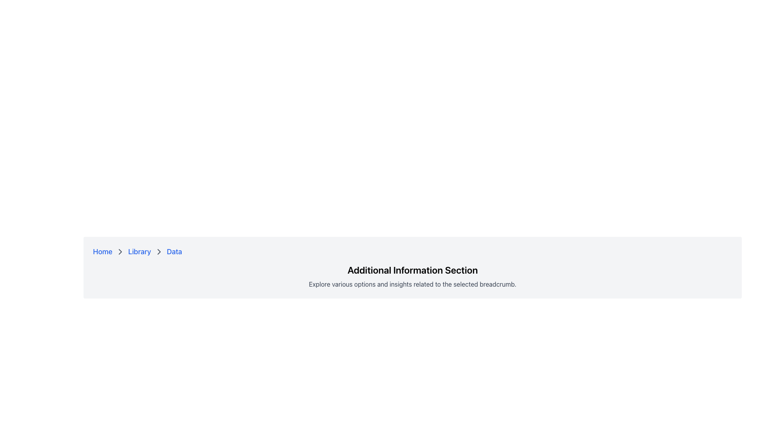 The height and width of the screenshot is (427, 760). I want to click on the right-pointing chevron icon located between the 'Home' and 'Library' links in the breadcrumb navigation, so click(120, 251).